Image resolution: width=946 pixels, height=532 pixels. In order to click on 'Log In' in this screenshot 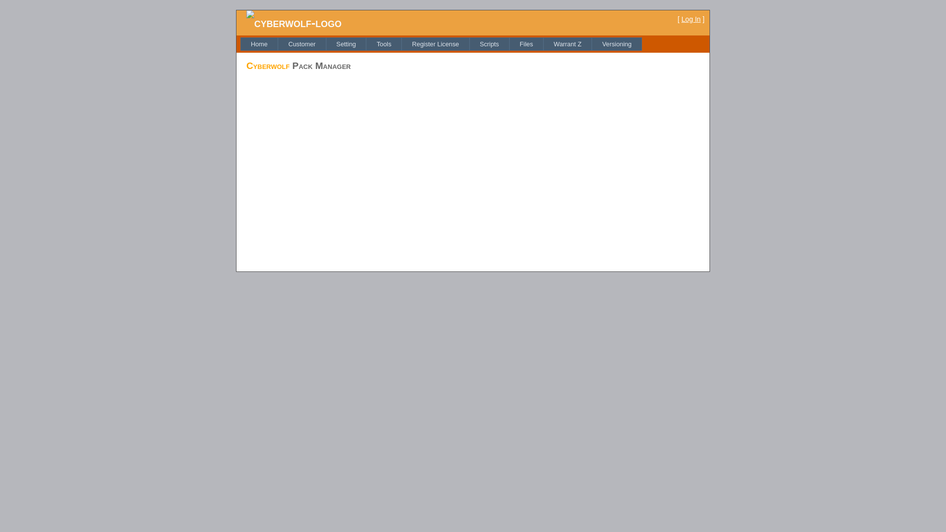, I will do `click(690, 19)`.